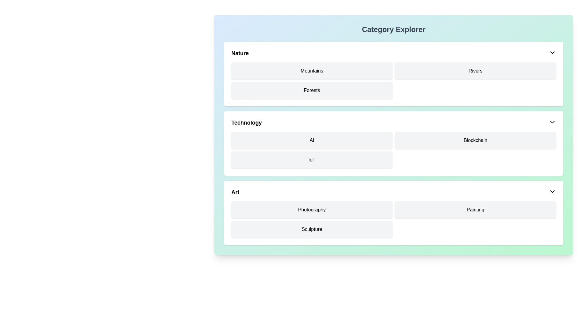 This screenshot has width=586, height=329. Describe the element at coordinates (312, 210) in the screenshot. I see `the 'Photography' label located in the top-left position of the 'Art' section` at that location.